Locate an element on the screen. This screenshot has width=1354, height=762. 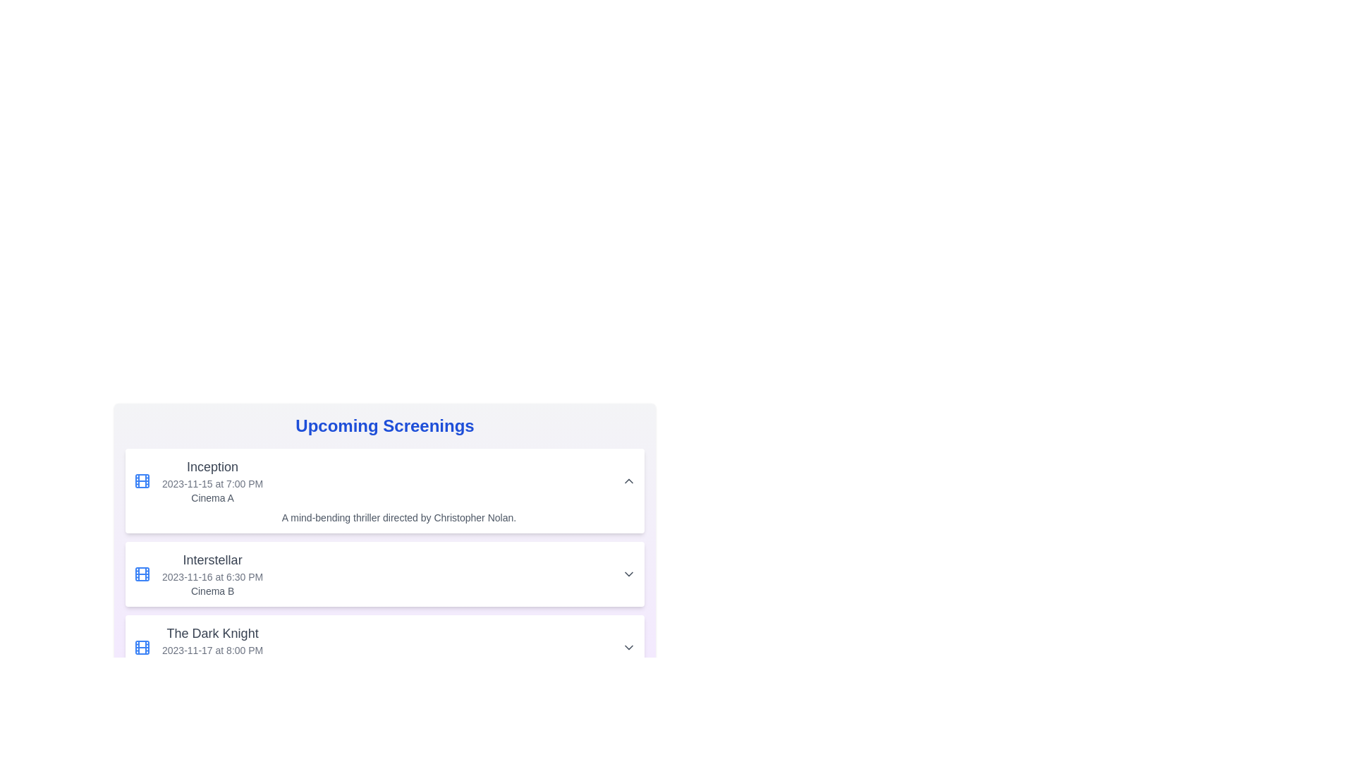
the blue film roll icon located to the left of the 'Inception' screening information is located at coordinates (142, 480).